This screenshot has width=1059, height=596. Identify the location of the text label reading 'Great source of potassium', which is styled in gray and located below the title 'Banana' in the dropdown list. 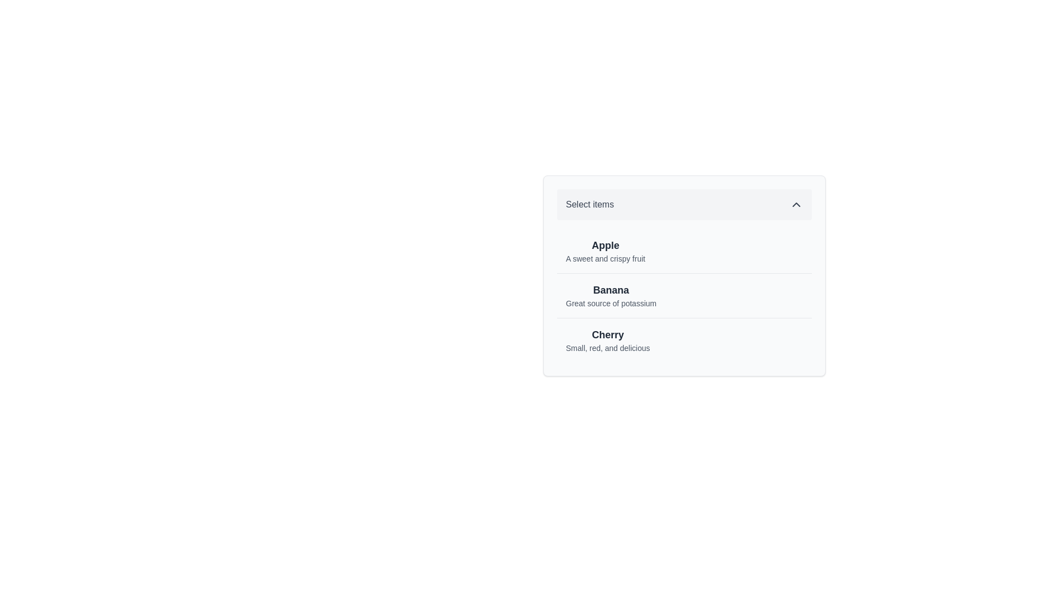
(611, 304).